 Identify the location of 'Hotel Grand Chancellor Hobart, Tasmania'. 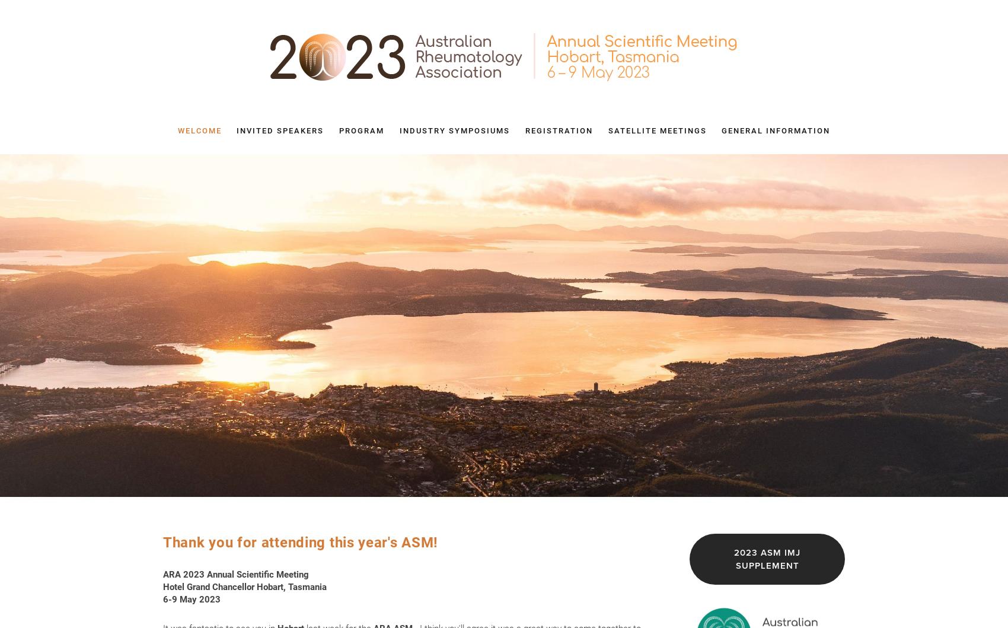
(245, 586).